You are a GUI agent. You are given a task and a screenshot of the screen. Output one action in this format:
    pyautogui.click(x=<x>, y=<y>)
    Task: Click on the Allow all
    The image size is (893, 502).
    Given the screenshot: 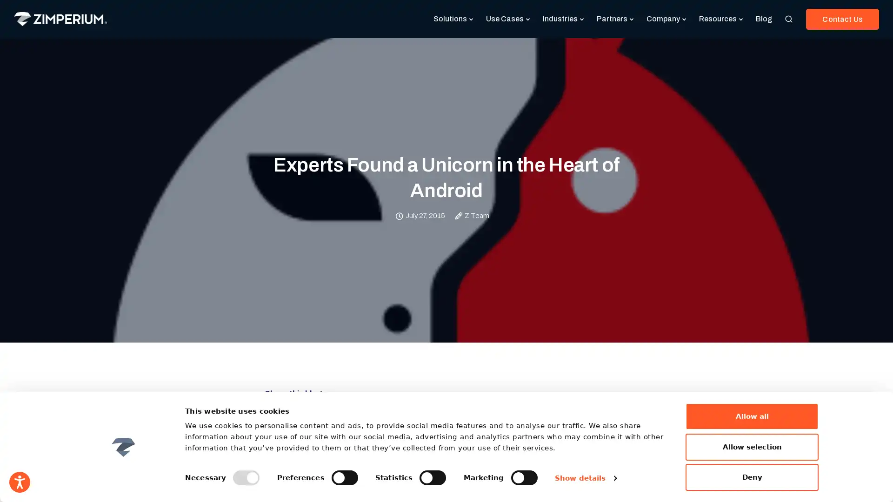 What is the action you would take?
    pyautogui.click(x=752, y=416)
    